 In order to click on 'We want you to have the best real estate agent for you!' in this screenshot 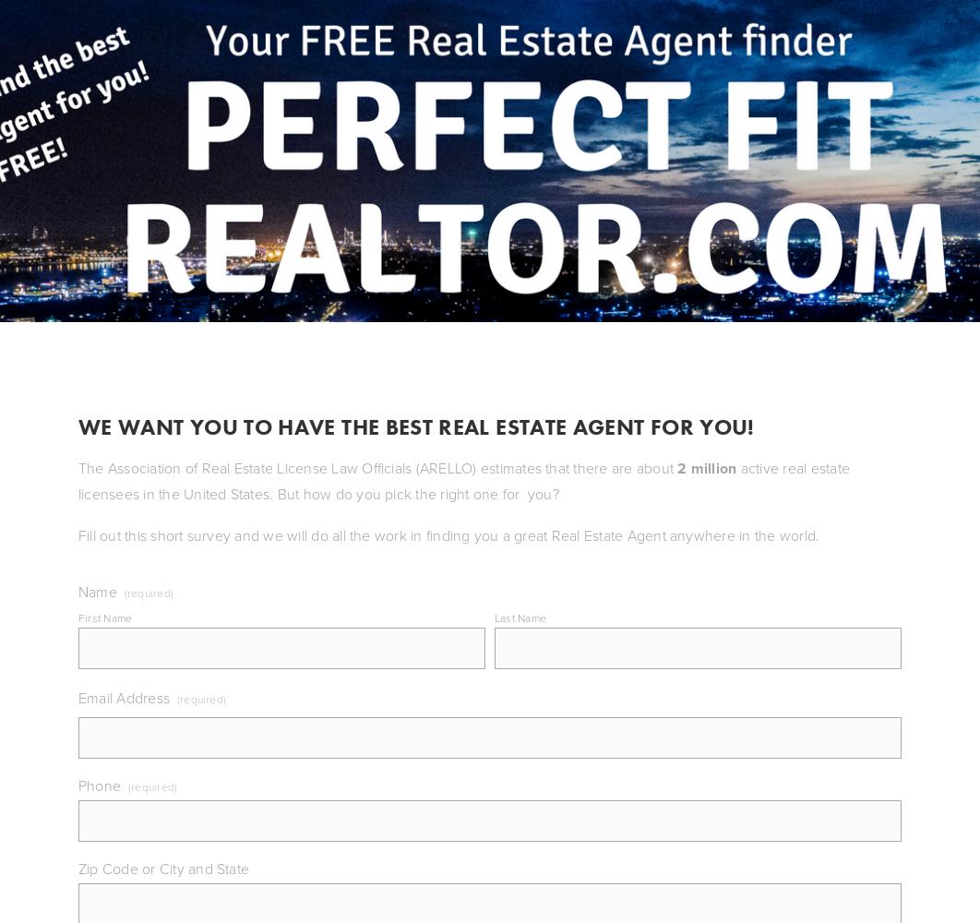, I will do `click(418, 425)`.